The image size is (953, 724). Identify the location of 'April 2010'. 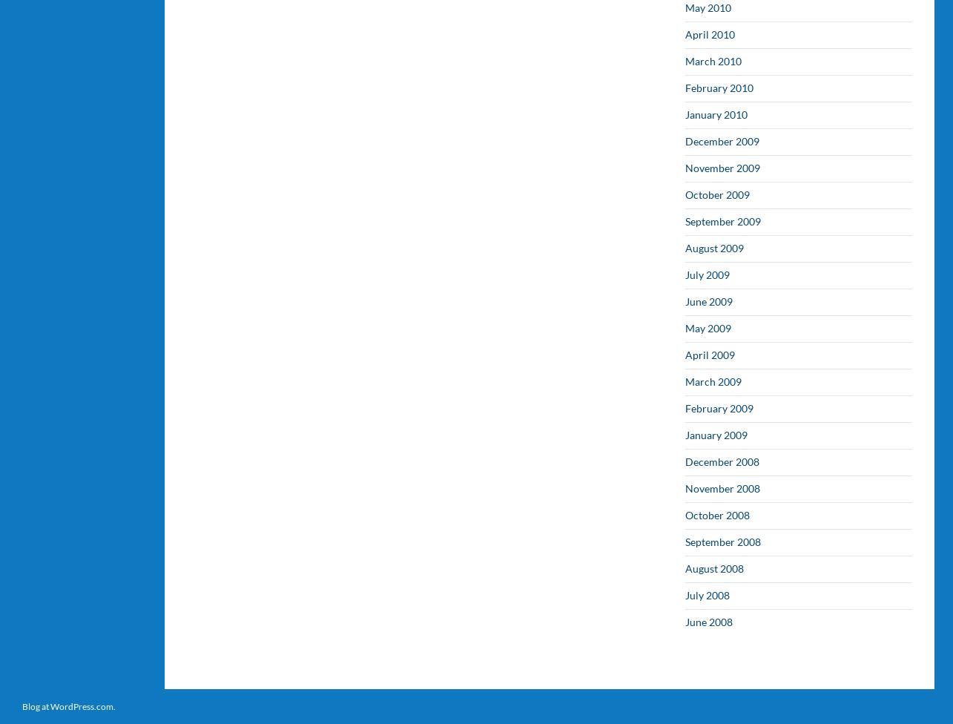
(685, 34).